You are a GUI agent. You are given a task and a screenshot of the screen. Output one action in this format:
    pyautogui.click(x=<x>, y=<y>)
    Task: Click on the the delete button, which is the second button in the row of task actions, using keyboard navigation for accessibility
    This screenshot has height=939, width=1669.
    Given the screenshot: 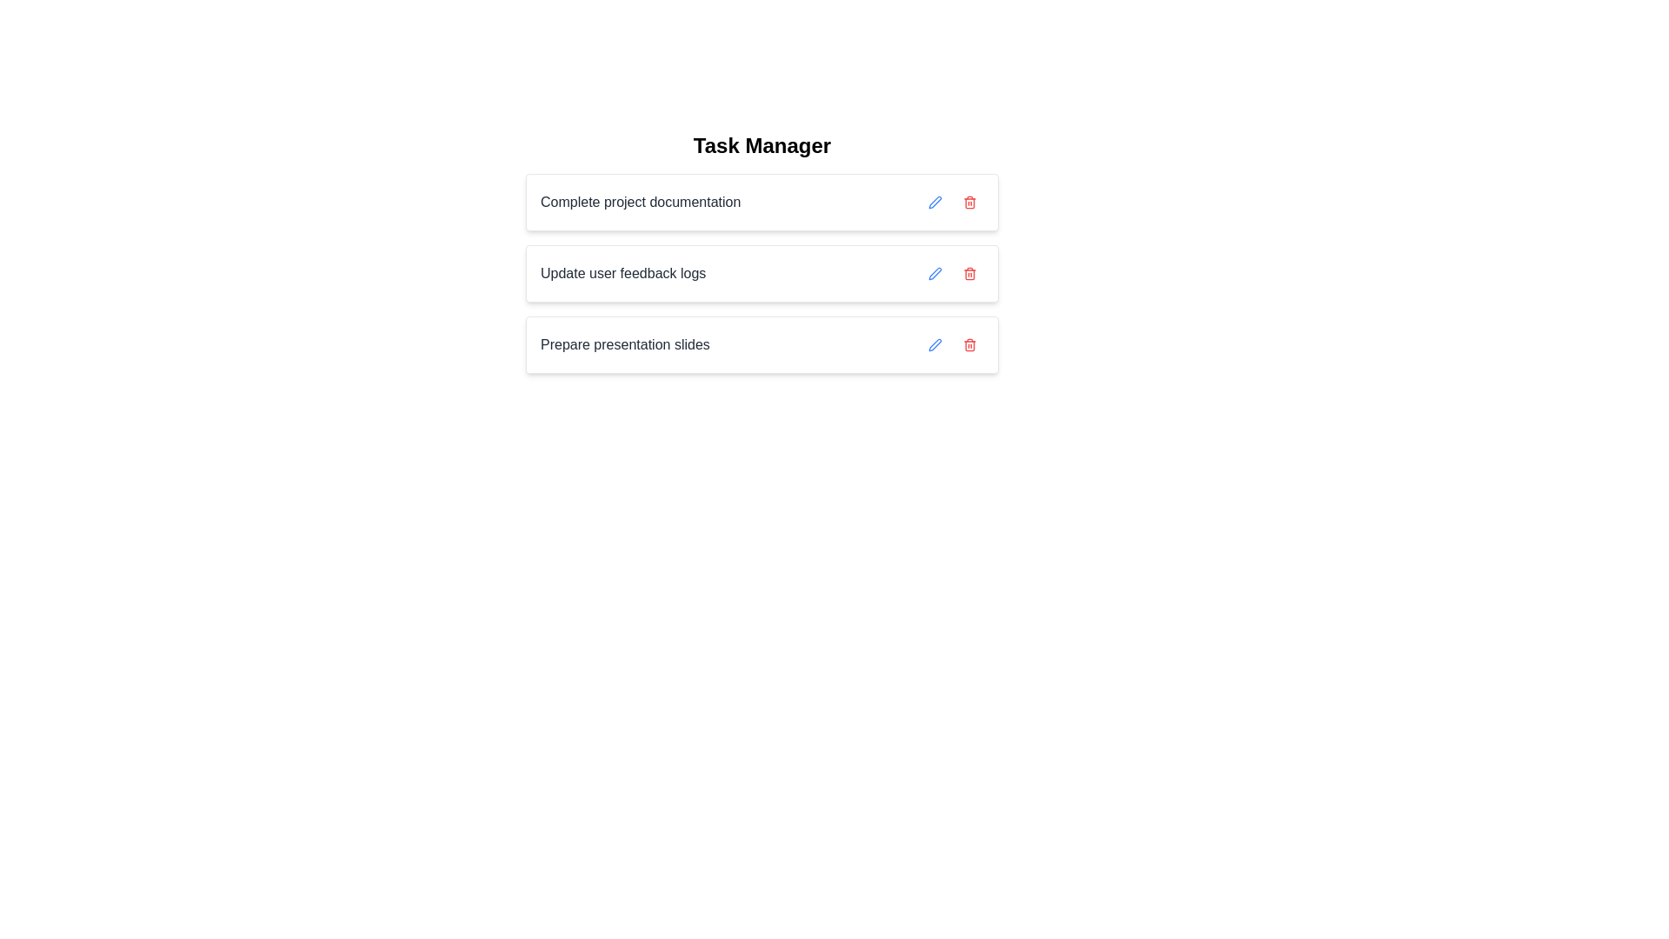 What is the action you would take?
    pyautogui.click(x=969, y=201)
    